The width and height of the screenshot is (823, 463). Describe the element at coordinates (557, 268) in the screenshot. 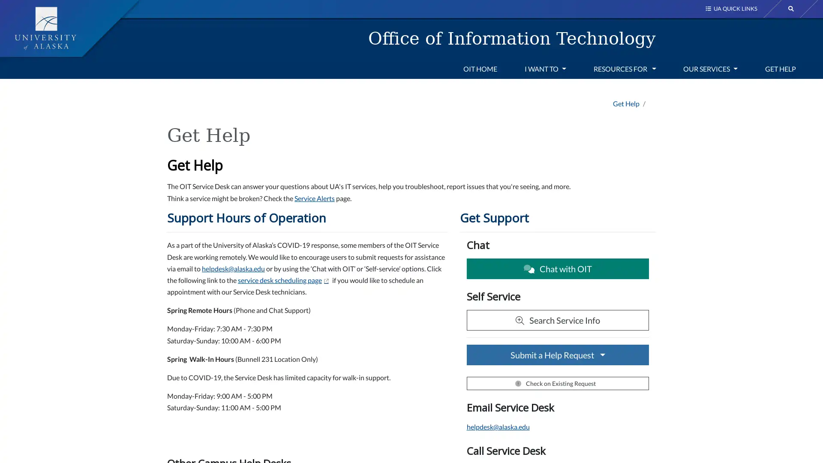

I see `Chat with OIT` at that location.